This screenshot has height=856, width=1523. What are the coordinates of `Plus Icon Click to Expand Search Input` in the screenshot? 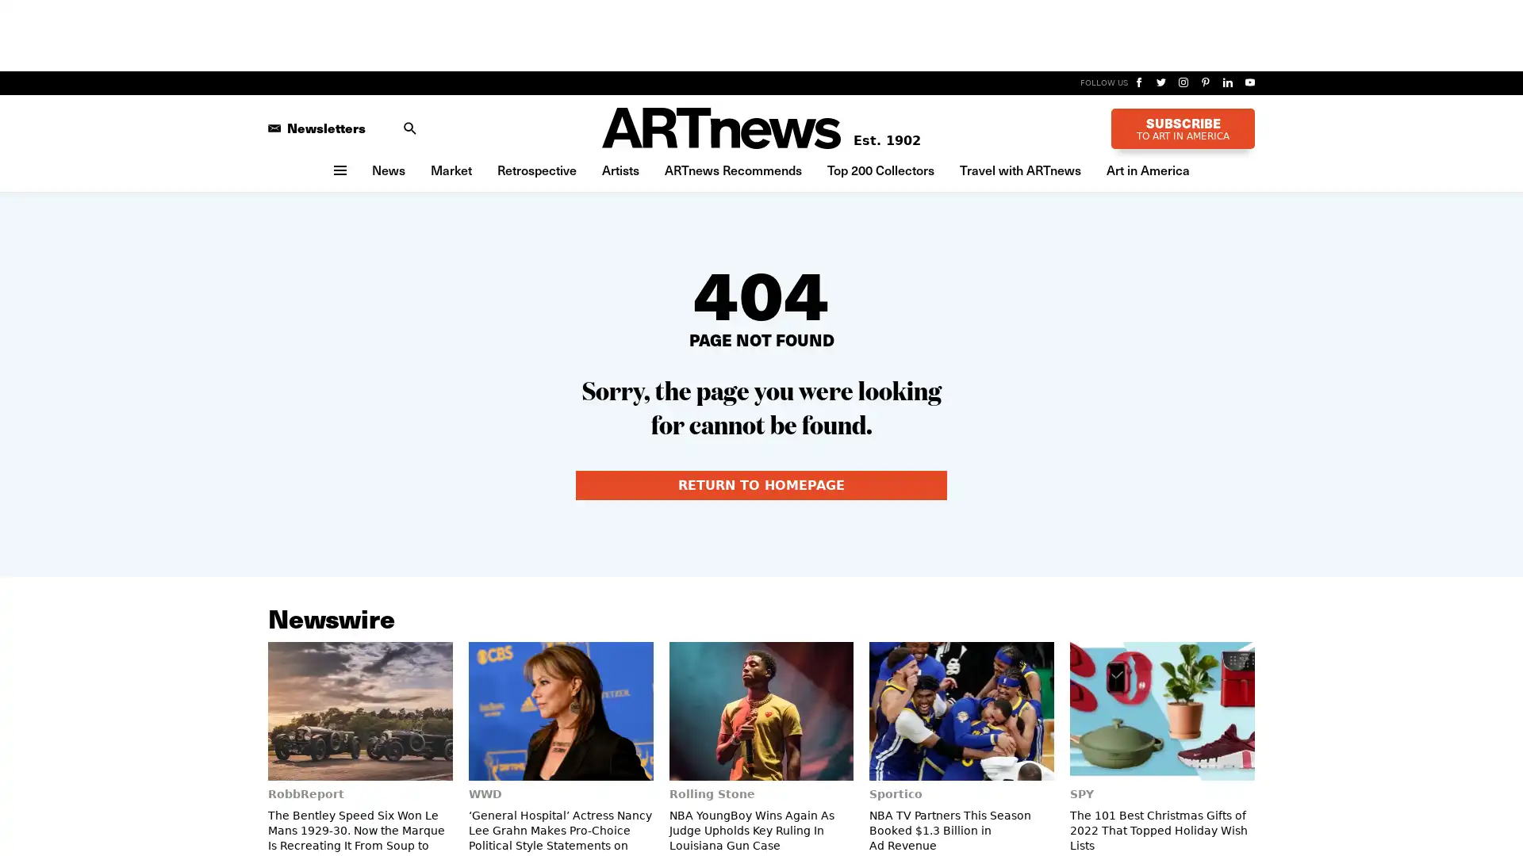 It's located at (410, 127).